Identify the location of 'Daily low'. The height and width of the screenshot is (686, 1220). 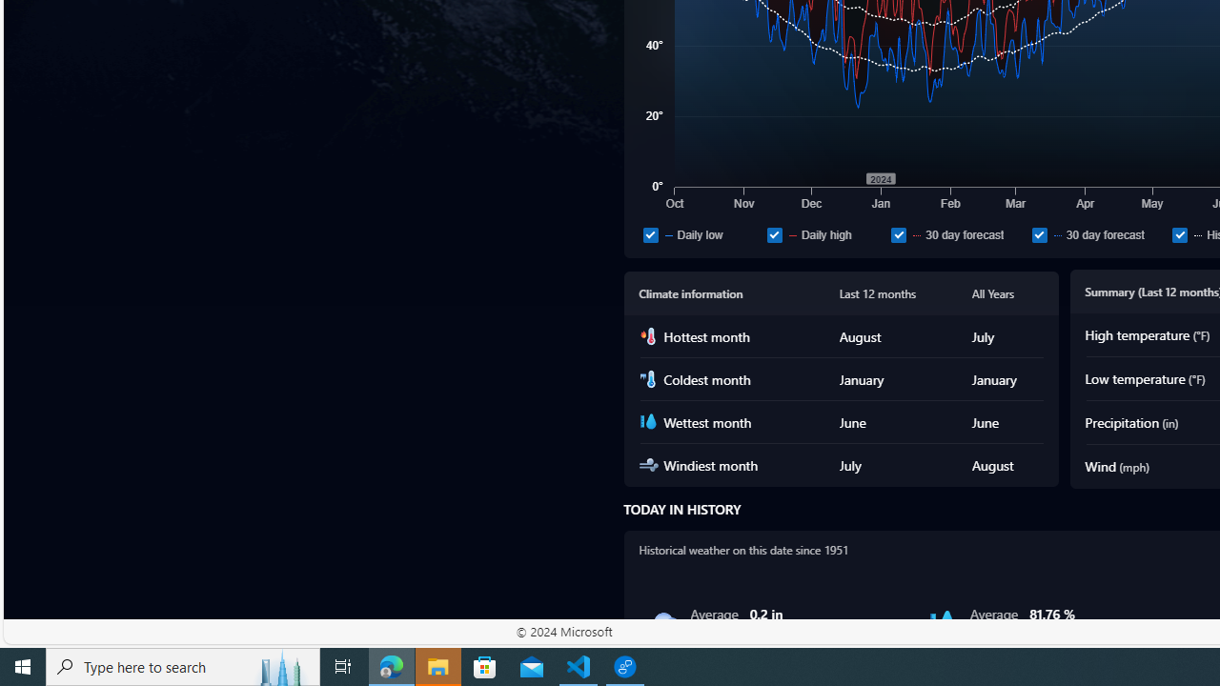
(701, 233).